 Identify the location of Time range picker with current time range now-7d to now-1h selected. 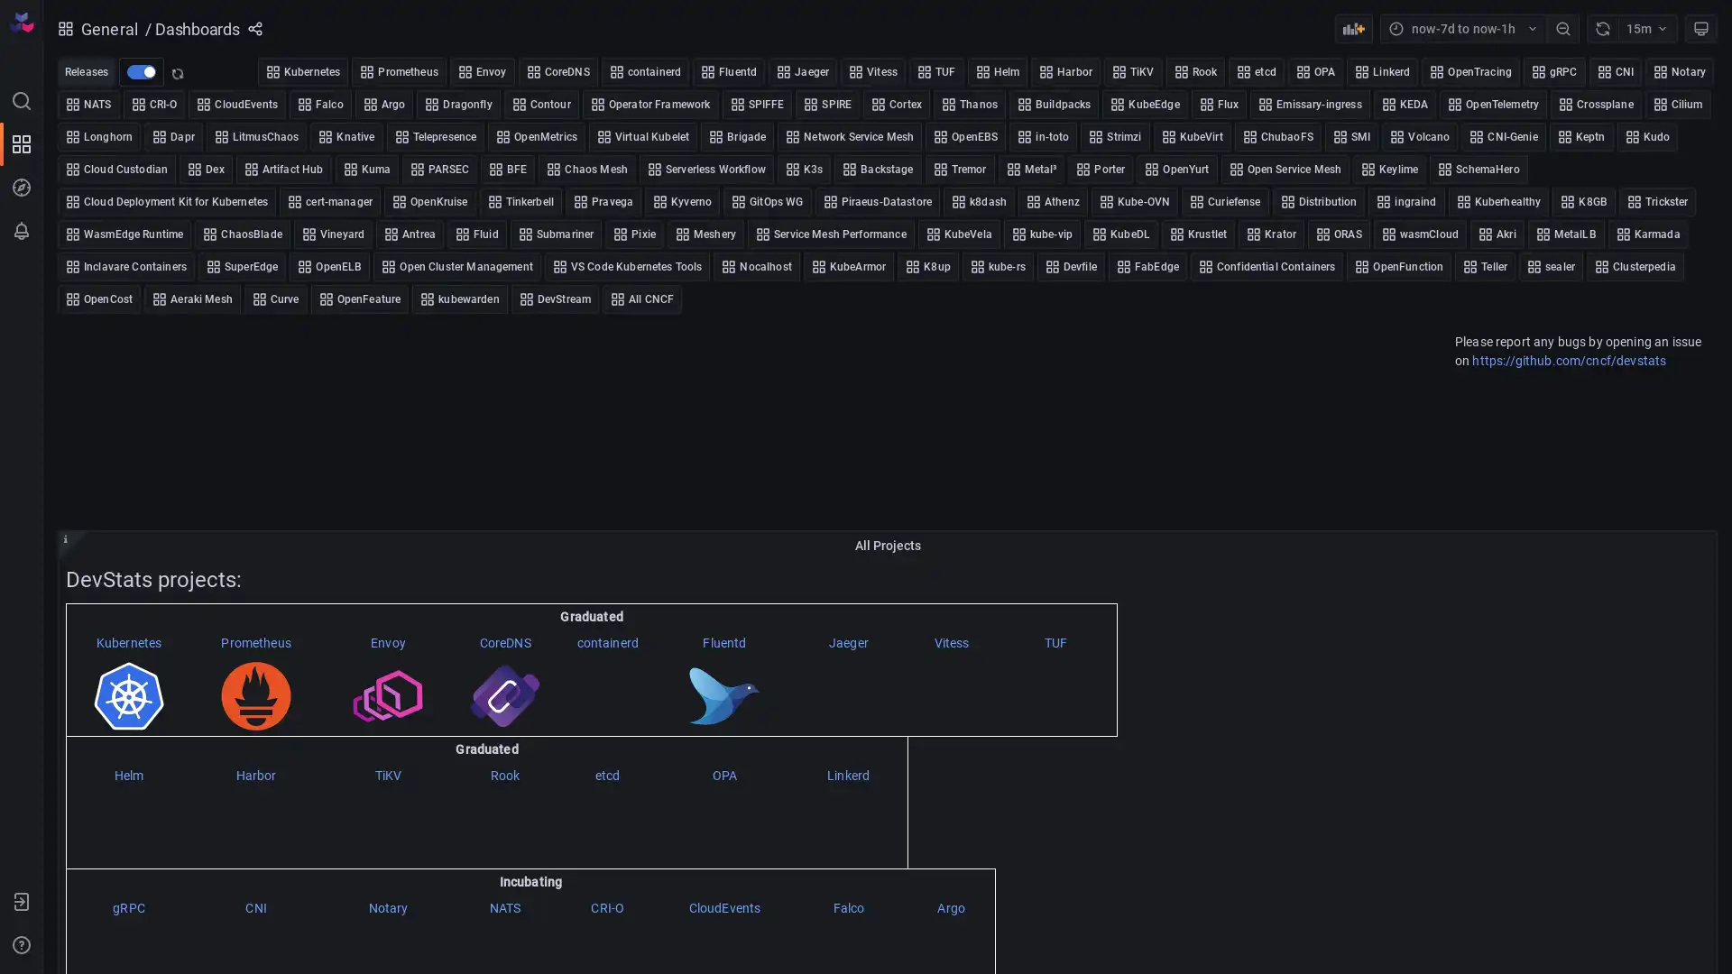
(1463, 28).